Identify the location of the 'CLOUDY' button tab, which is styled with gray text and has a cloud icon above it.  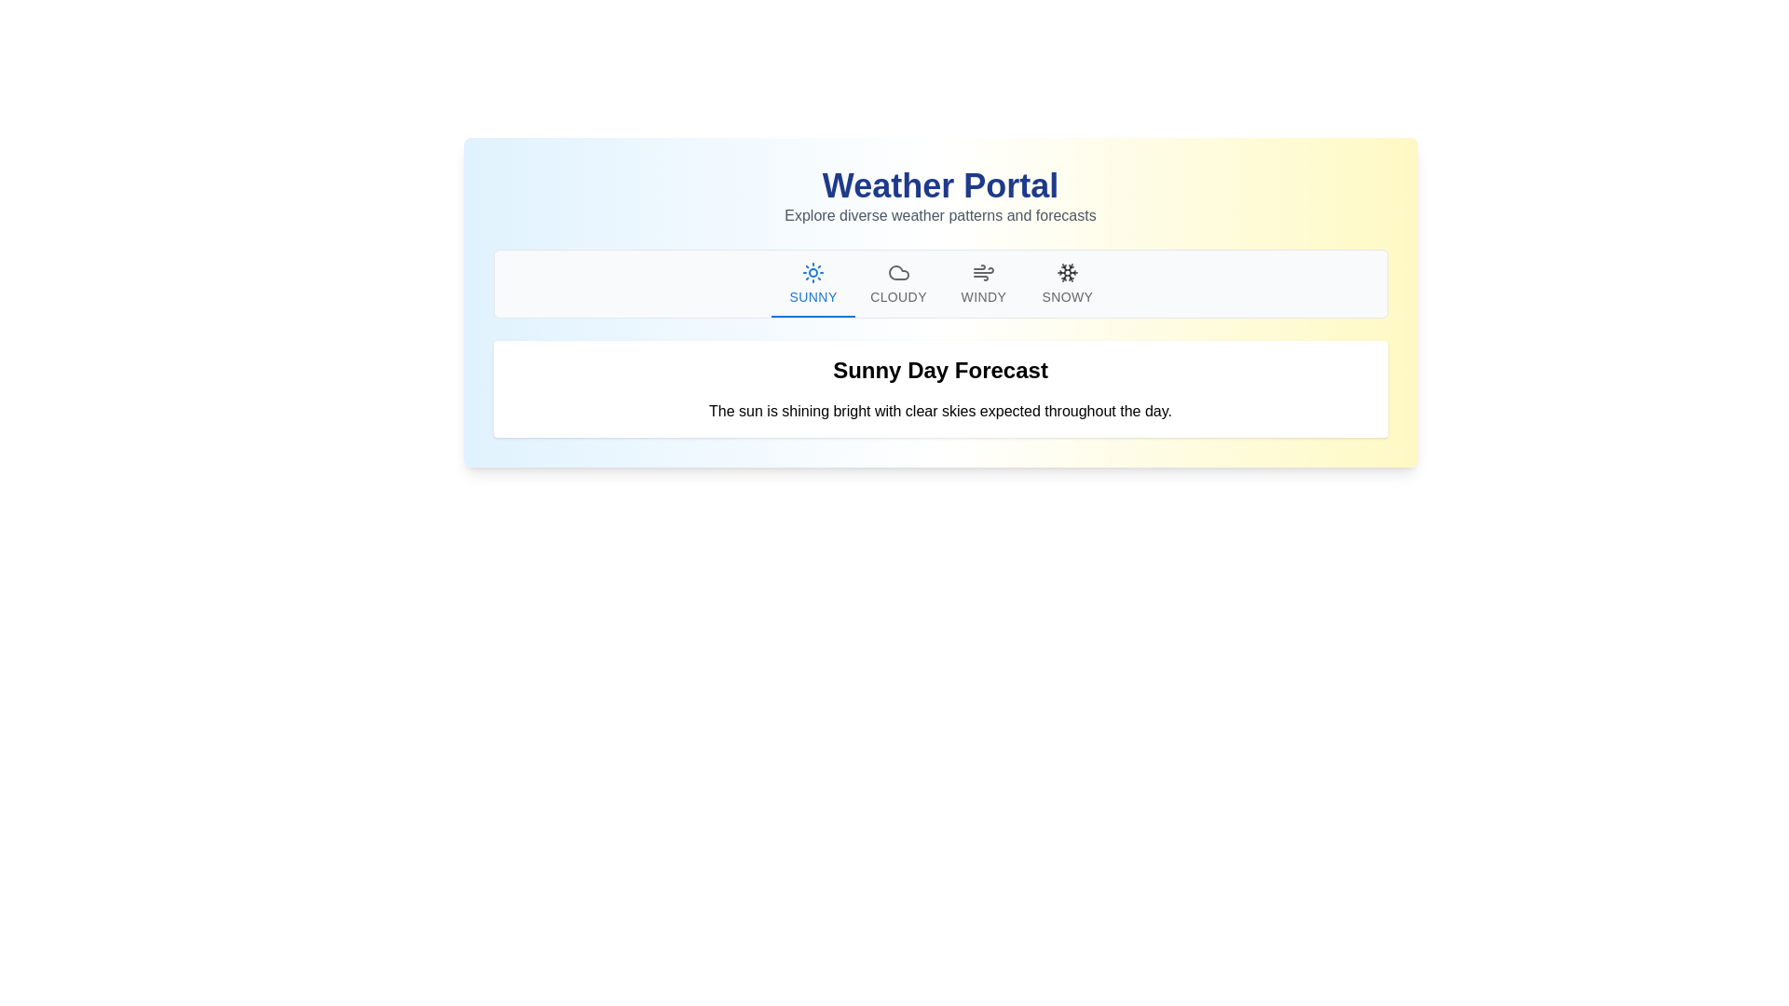
(898, 283).